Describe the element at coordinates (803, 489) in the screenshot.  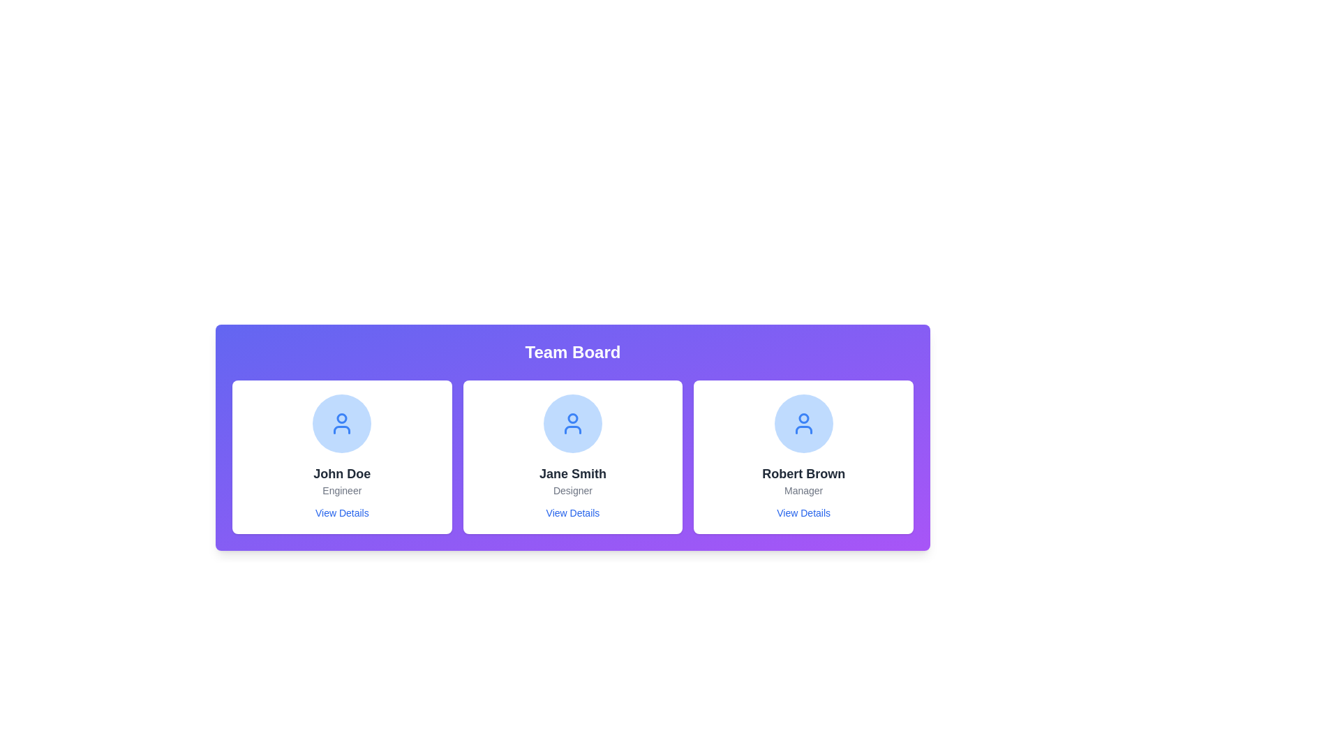
I see `the Text Label indicating the job position 'Manager' of 'Robert Brown'` at that location.